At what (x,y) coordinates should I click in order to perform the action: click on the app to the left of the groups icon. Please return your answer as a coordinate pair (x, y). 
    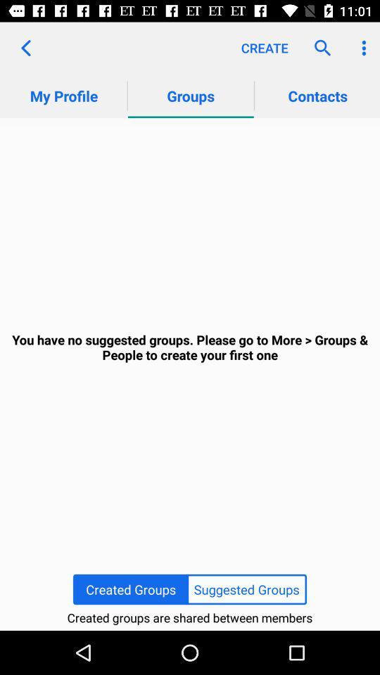
    Looking at the image, I should click on (25, 48).